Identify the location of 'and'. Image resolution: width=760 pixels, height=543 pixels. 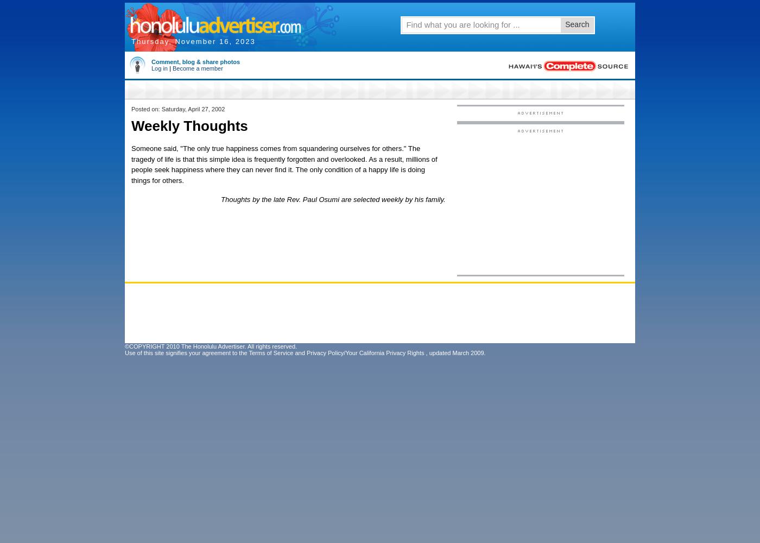
(293, 353).